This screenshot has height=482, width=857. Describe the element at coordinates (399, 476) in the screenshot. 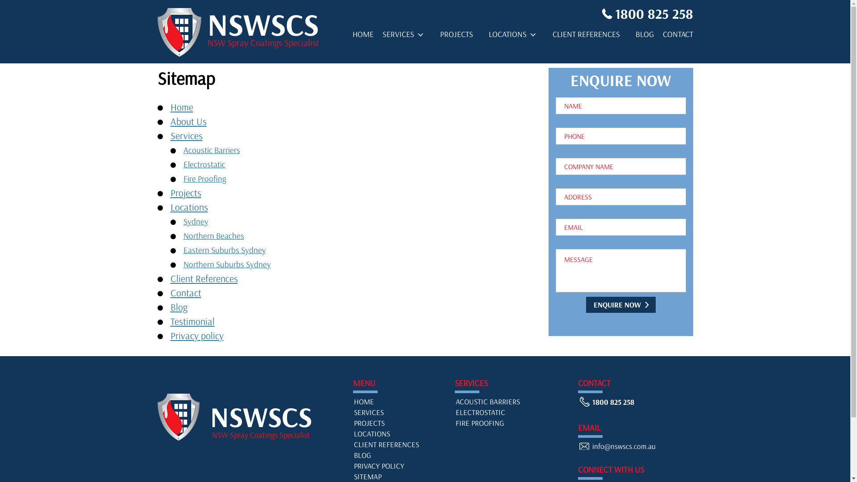

I see `'SITEMAP'` at that location.